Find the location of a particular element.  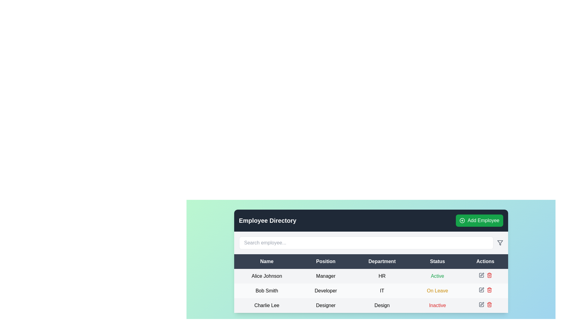

the 'Design' text label located in the 'Department' column of the 'Charlie Lee' row in the employee table is located at coordinates (382, 305).